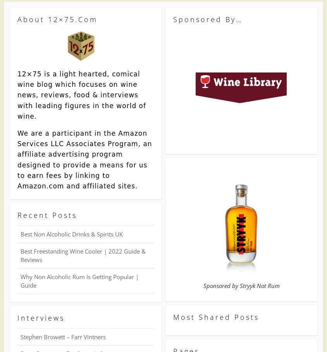  What do you see at coordinates (79, 281) in the screenshot?
I see `'Why Non Alcoholic Rum Is Getting Popular | Guide'` at bounding box center [79, 281].